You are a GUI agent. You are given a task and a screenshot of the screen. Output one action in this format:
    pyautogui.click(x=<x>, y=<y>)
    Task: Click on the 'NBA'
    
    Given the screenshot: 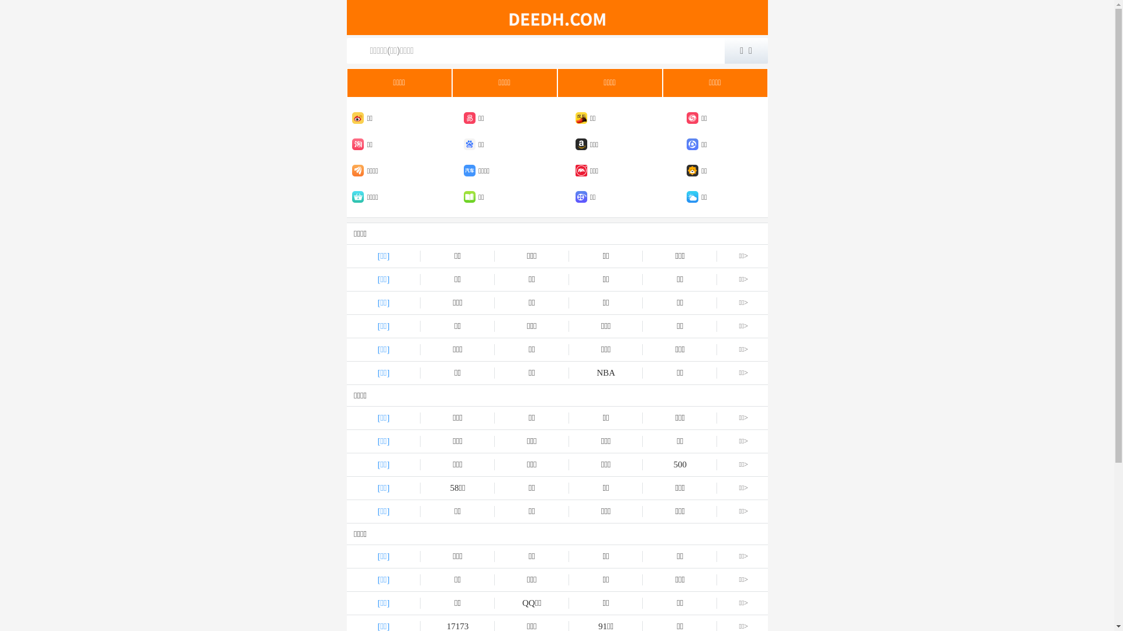 What is the action you would take?
    pyautogui.click(x=606, y=373)
    